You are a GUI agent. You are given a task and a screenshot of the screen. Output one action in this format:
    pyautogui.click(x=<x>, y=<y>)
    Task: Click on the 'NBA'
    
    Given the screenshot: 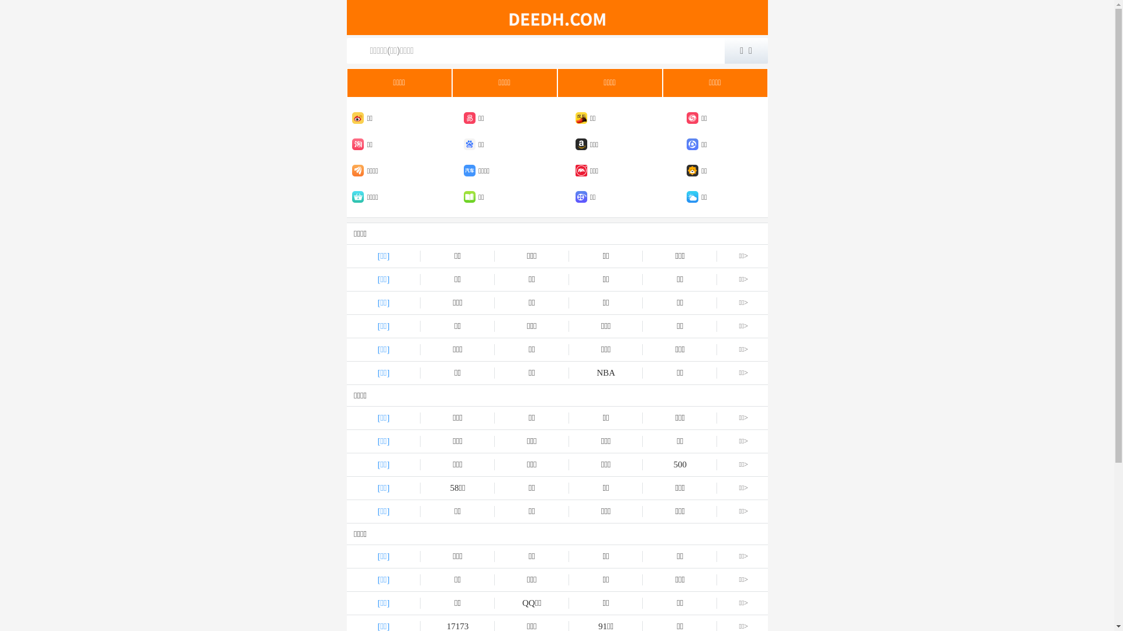 What is the action you would take?
    pyautogui.click(x=606, y=373)
    